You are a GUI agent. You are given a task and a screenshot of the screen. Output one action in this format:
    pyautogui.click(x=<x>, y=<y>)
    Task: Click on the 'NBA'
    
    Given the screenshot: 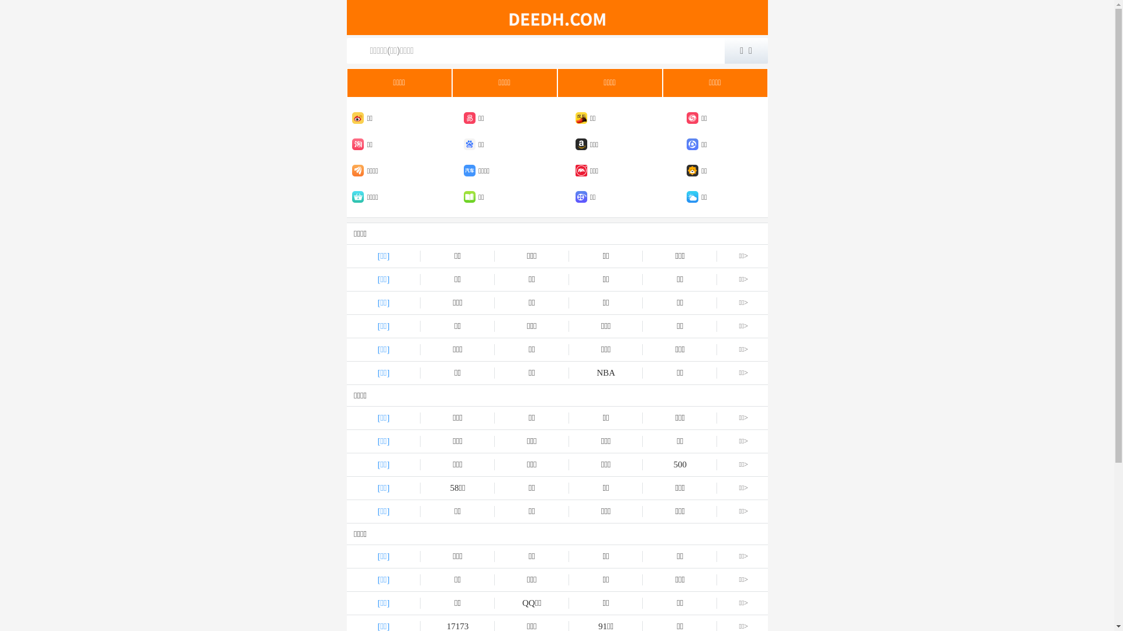 What is the action you would take?
    pyautogui.click(x=606, y=373)
    